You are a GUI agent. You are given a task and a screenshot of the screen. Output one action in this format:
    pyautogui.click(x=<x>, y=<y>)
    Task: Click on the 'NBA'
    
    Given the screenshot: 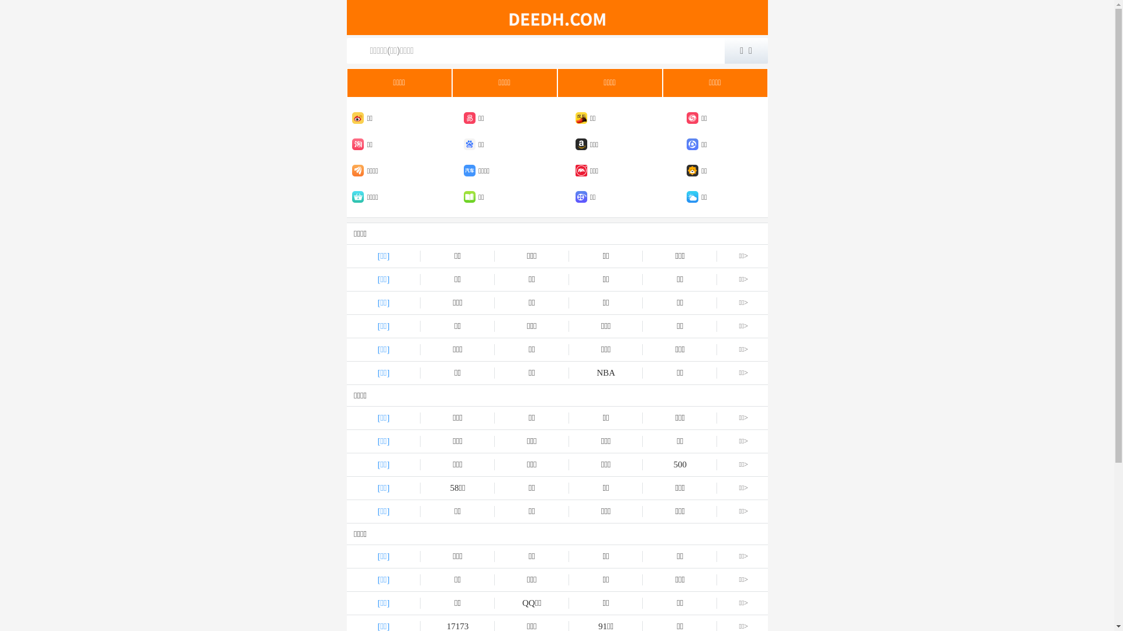 What is the action you would take?
    pyautogui.click(x=606, y=373)
    